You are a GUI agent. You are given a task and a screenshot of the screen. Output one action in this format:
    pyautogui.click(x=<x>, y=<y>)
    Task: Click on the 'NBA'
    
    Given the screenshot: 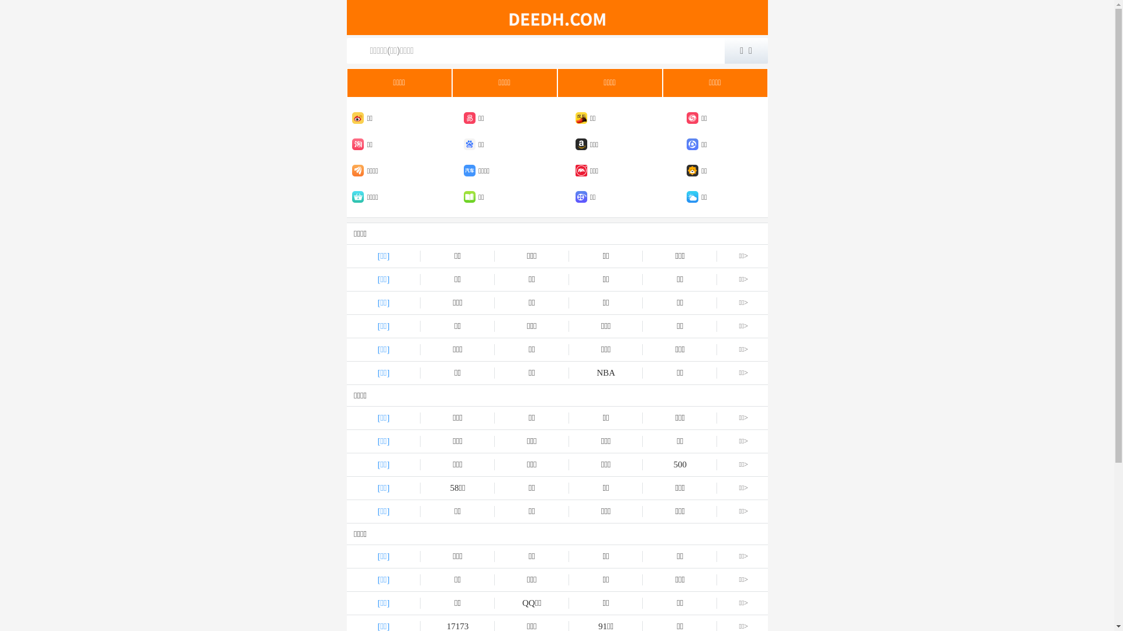 What is the action you would take?
    pyautogui.click(x=606, y=373)
    